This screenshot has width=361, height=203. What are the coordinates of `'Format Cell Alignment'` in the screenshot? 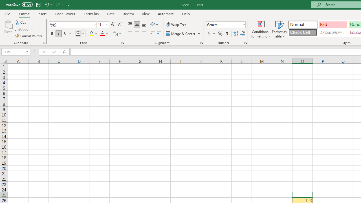 It's located at (201, 42).